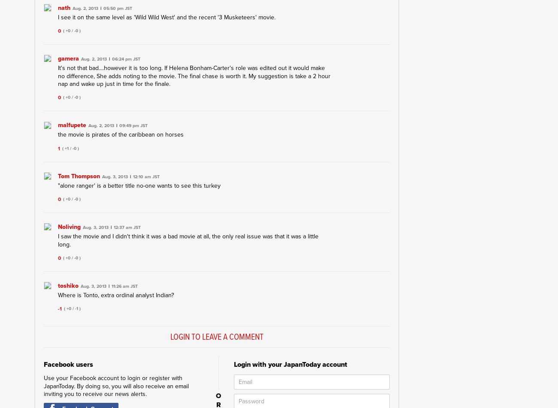  What do you see at coordinates (115, 295) in the screenshot?
I see `'Where is Tonto, extra ordinal analyst Indian?'` at bounding box center [115, 295].